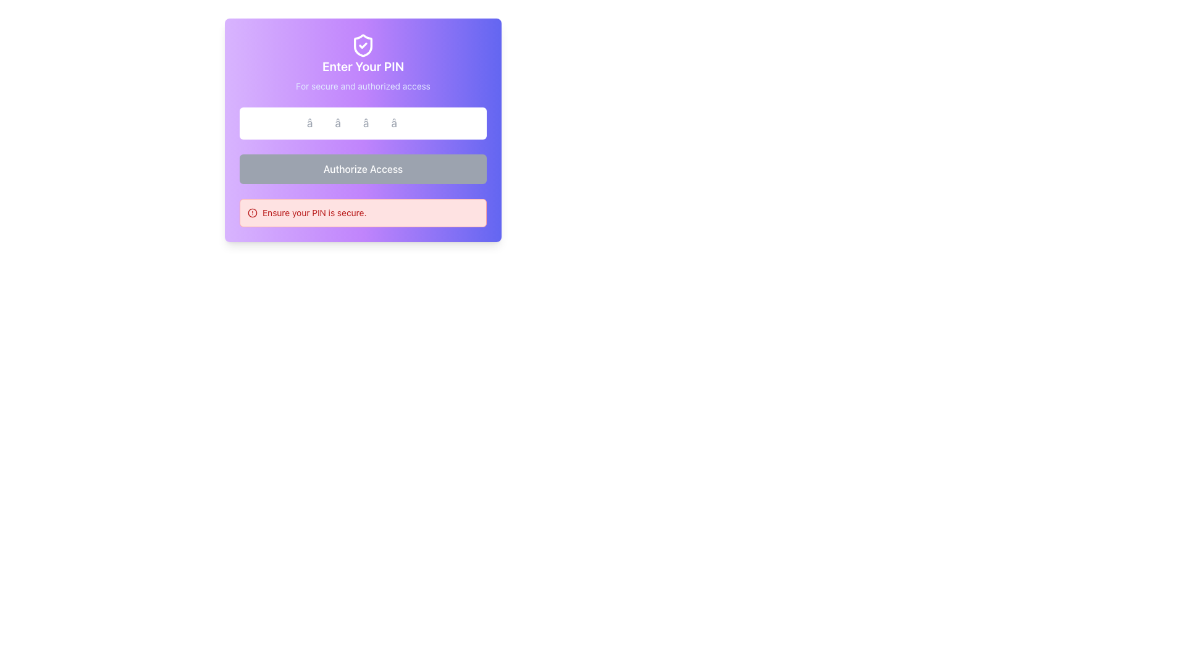 The width and height of the screenshot is (1186, 667). Describe the element at coordinates (363, 85) in the screenshot. I see `the text label that displays the message 'For secure and authorized access', which is positioned below the title 'Enter Your PIN' and is styled with a smaller font size and indigo hue` at that location.